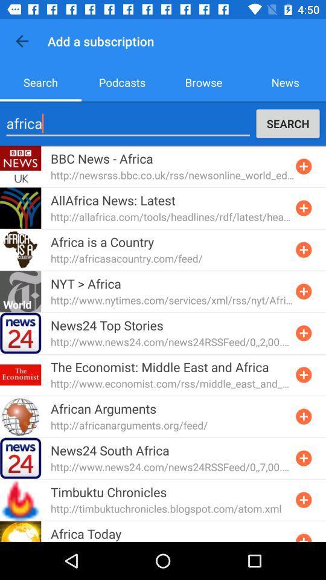 The image size is (326, 580). What do you see at coordinates (303, 166) in the screenshot?
I see `switch include option` at bounding box center [303, 166].